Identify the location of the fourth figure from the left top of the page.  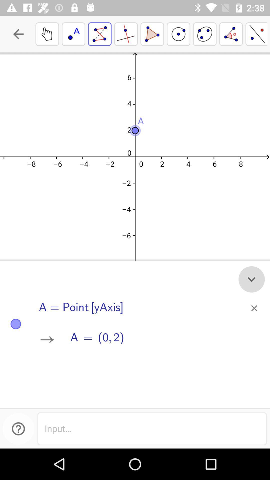
(126, 34).